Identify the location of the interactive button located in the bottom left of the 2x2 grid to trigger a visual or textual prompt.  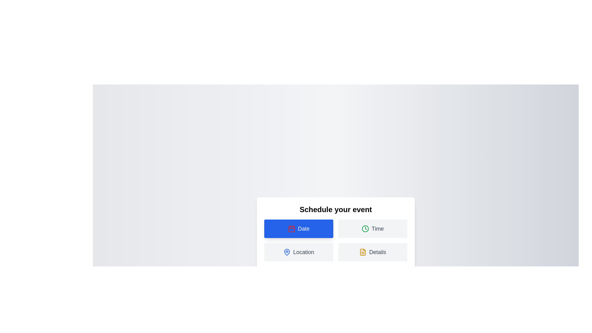
(299, 252).